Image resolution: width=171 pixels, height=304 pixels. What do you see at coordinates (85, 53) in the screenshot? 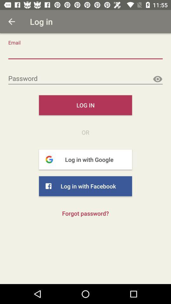
I see `email` at bounding box center [85, 53].